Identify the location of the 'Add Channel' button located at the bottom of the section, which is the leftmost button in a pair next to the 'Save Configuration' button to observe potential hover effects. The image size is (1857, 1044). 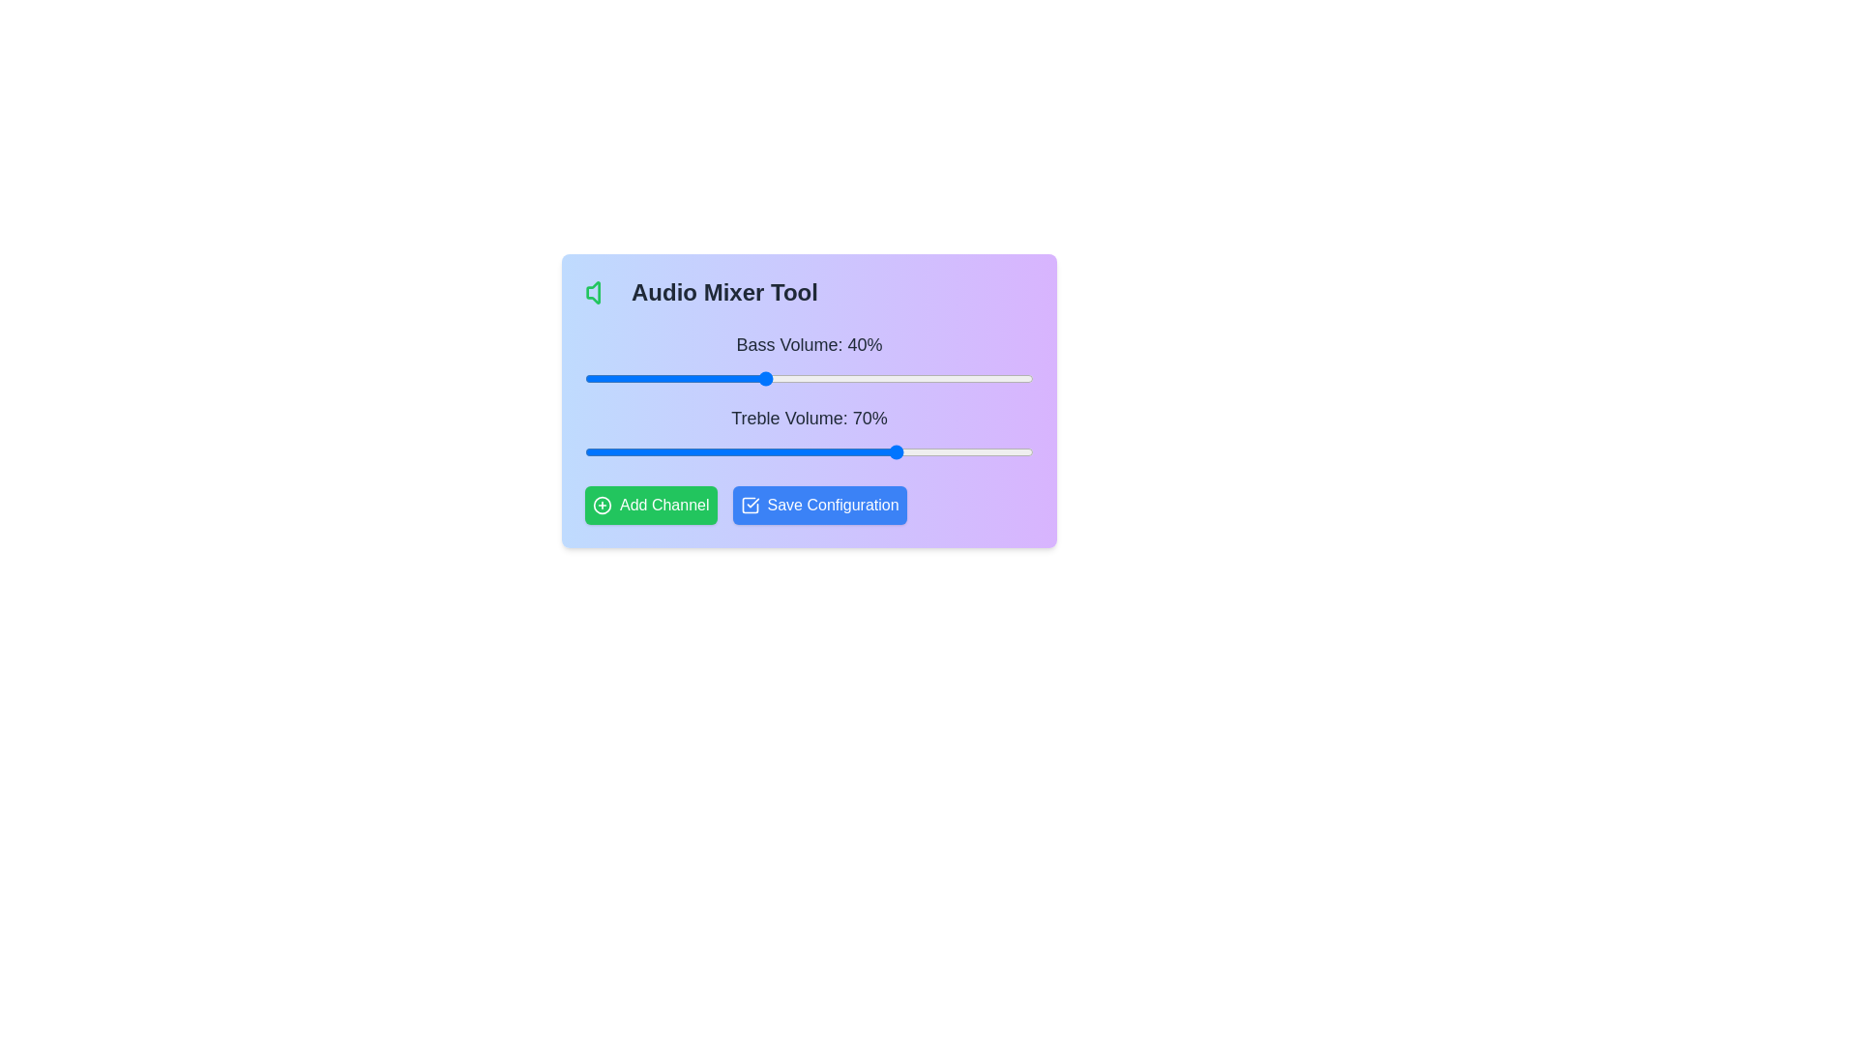
(651, 505).